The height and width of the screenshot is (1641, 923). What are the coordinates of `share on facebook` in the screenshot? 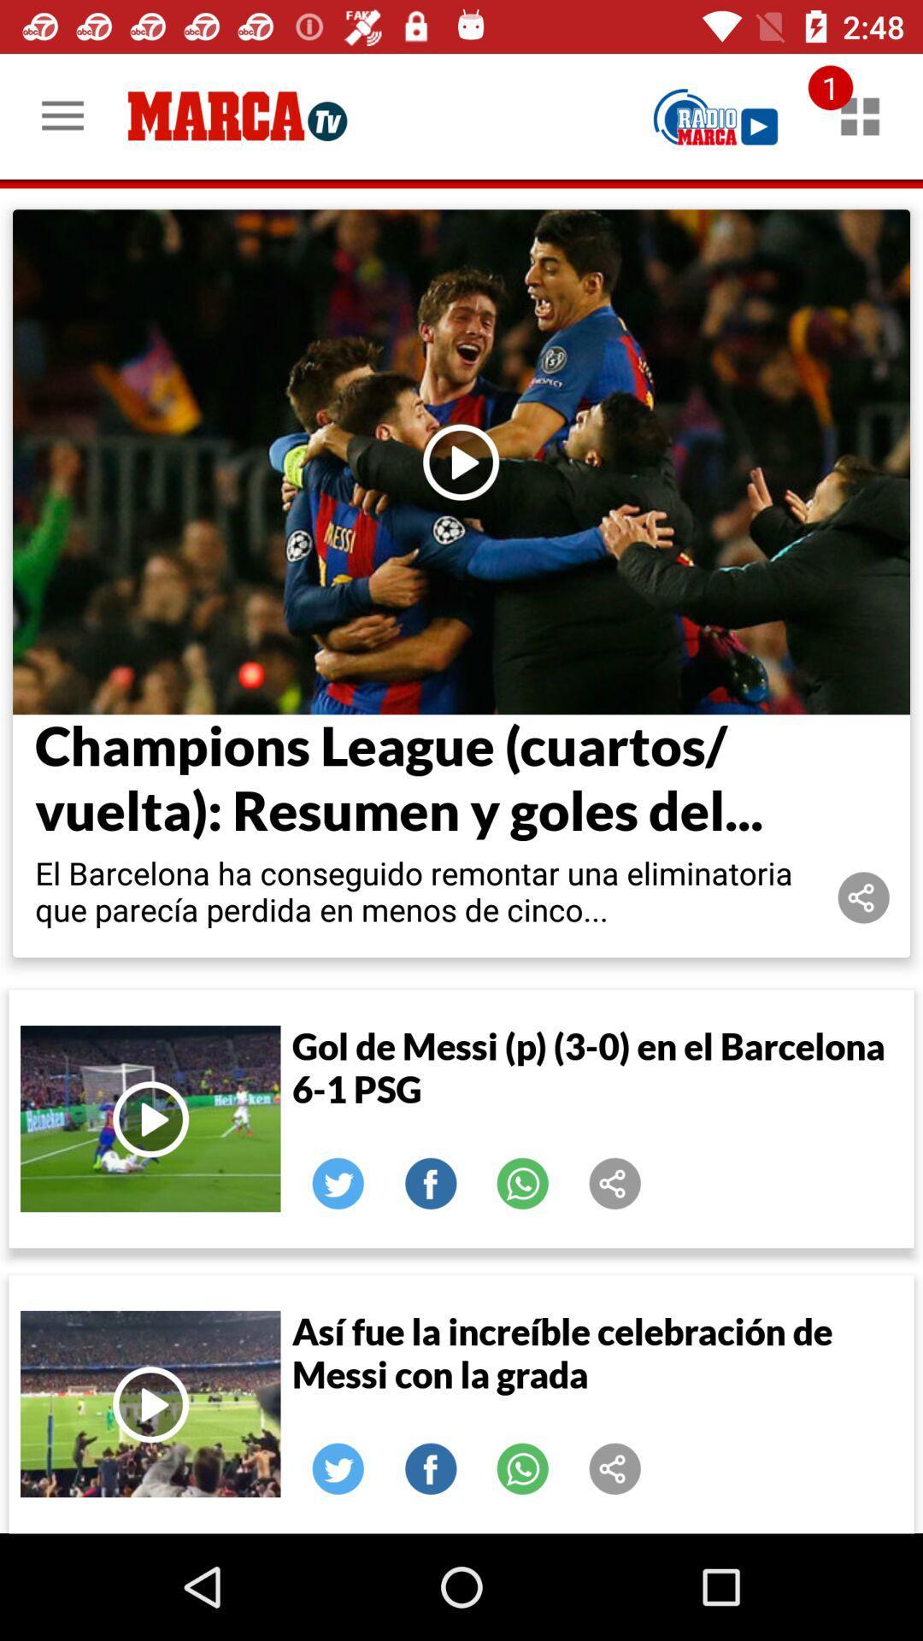 It's located at (430, 1467).